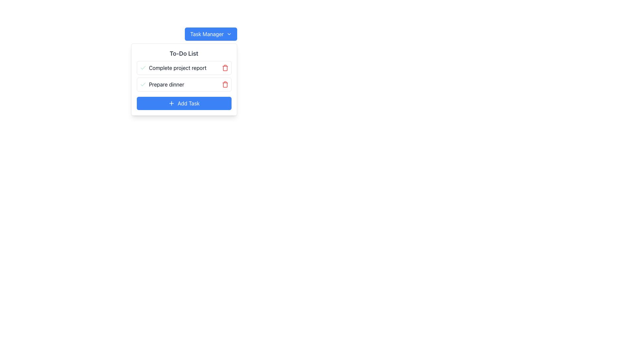  Describe the element at coordinates (173, 68) in the screenshot. I see `the text label displaying the task's title in the to-do list, which is the first task listed below the 'To-Do List' heading` at that location.